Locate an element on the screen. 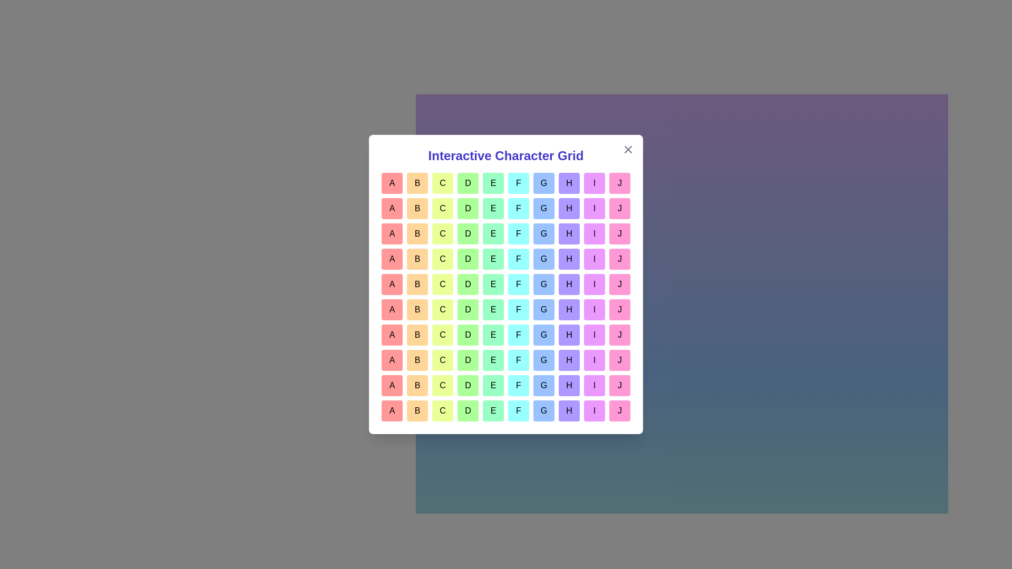  the grid cell labeled J is located at coordinates (620, 182).